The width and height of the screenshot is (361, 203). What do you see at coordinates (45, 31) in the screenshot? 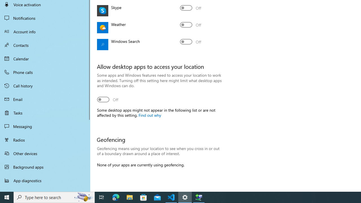
I see `'Account info'` at bounding box center [45, 31].